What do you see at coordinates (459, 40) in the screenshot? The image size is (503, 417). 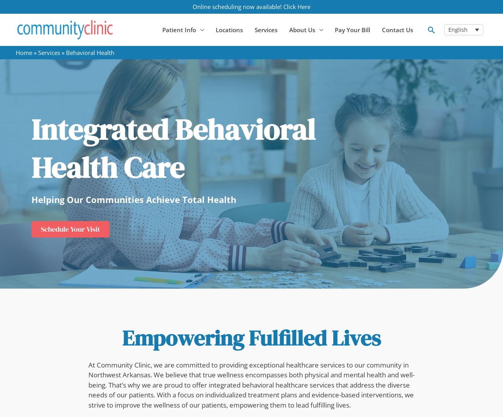 I see `'Español'` at bounding box center [459, 40].